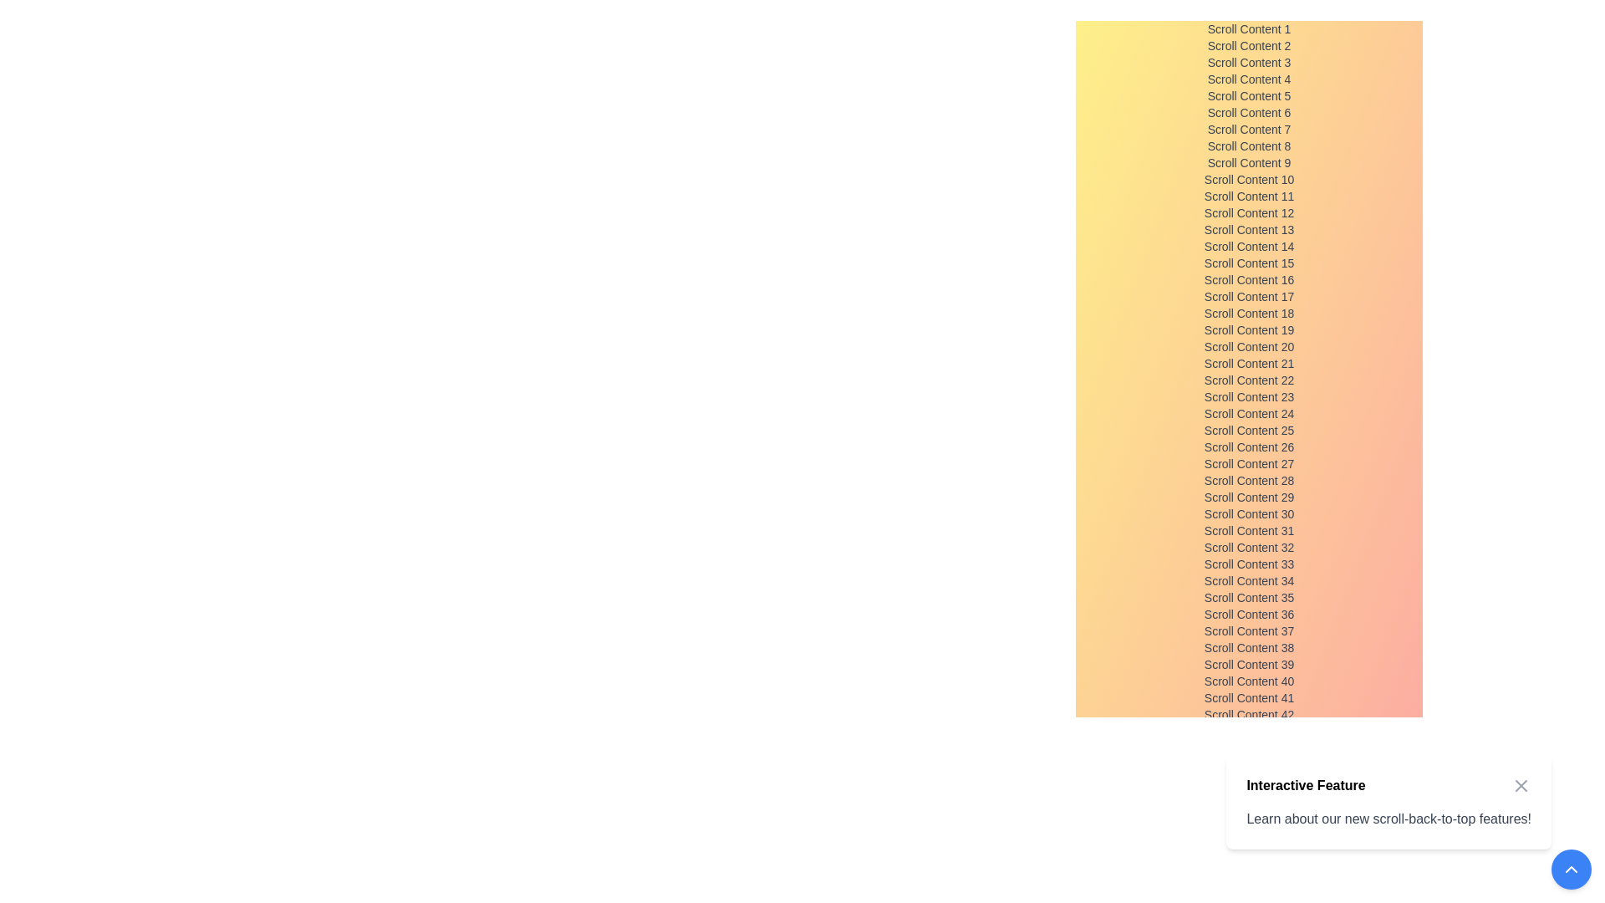  Describe the element at coordinates (1249, 430) in the screenshot. I see `the text label stating 'Scroll Content 25' which is styled in a small, gray font and positioned in the 25th place within a vertically arranged list` at that location.